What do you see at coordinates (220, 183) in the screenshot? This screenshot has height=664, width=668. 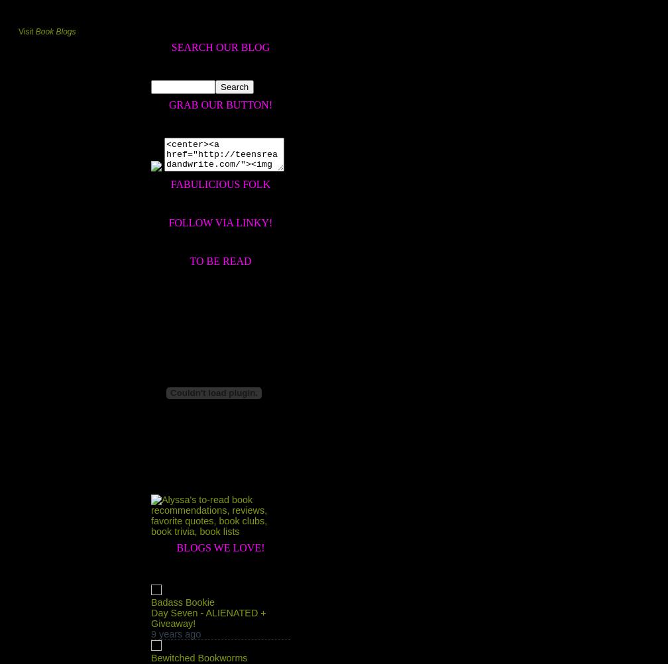 I see `'Fabulicious Folk'` at bounding box center [220, 183].